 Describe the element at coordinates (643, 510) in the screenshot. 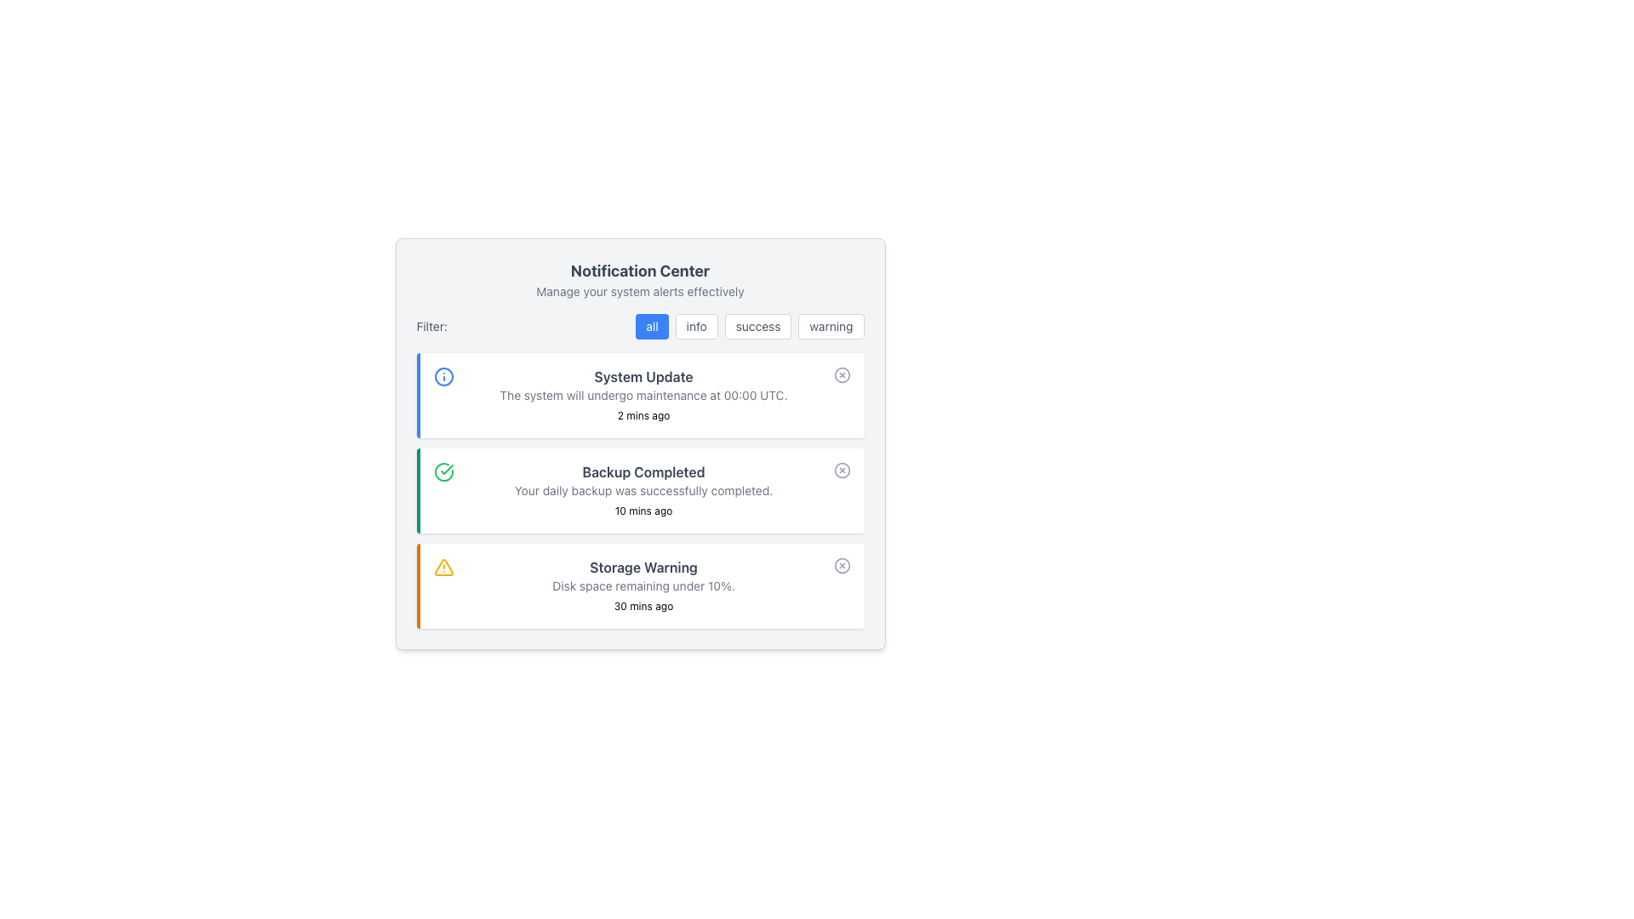

I see `the Timestamp label located at the bottom-right of the notification panel, beneath the 'Backup Completed' message` at that location.